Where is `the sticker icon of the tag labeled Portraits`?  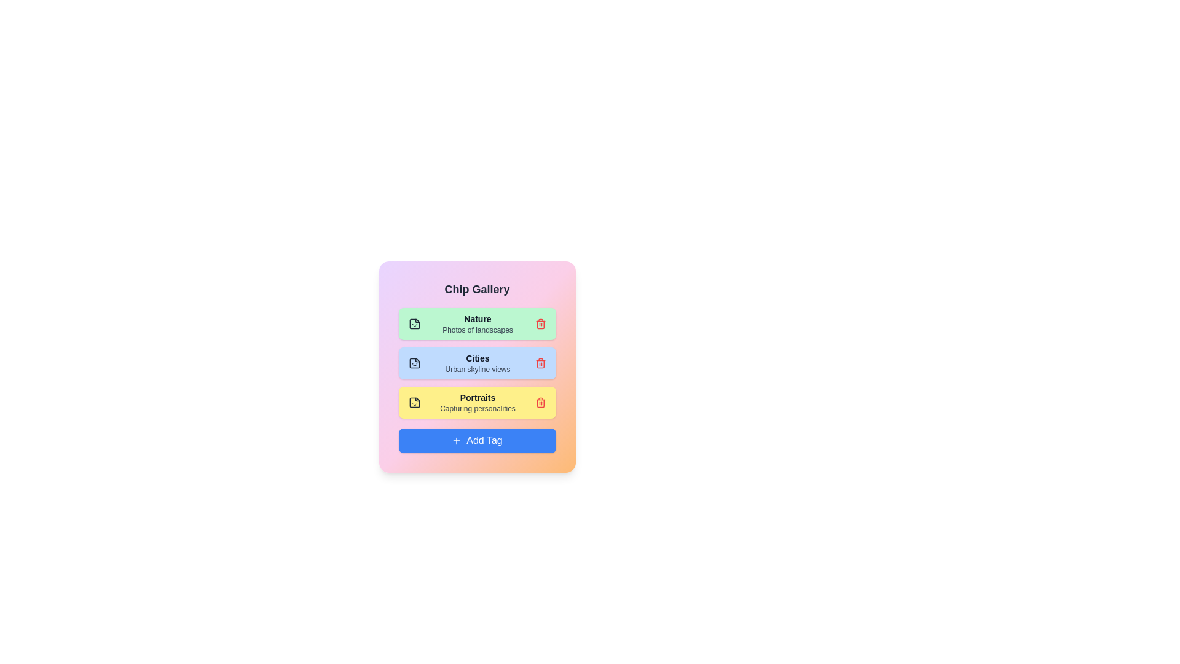 the sticker icon of the tag labeled Portraits is located at coordinates (414, 403).